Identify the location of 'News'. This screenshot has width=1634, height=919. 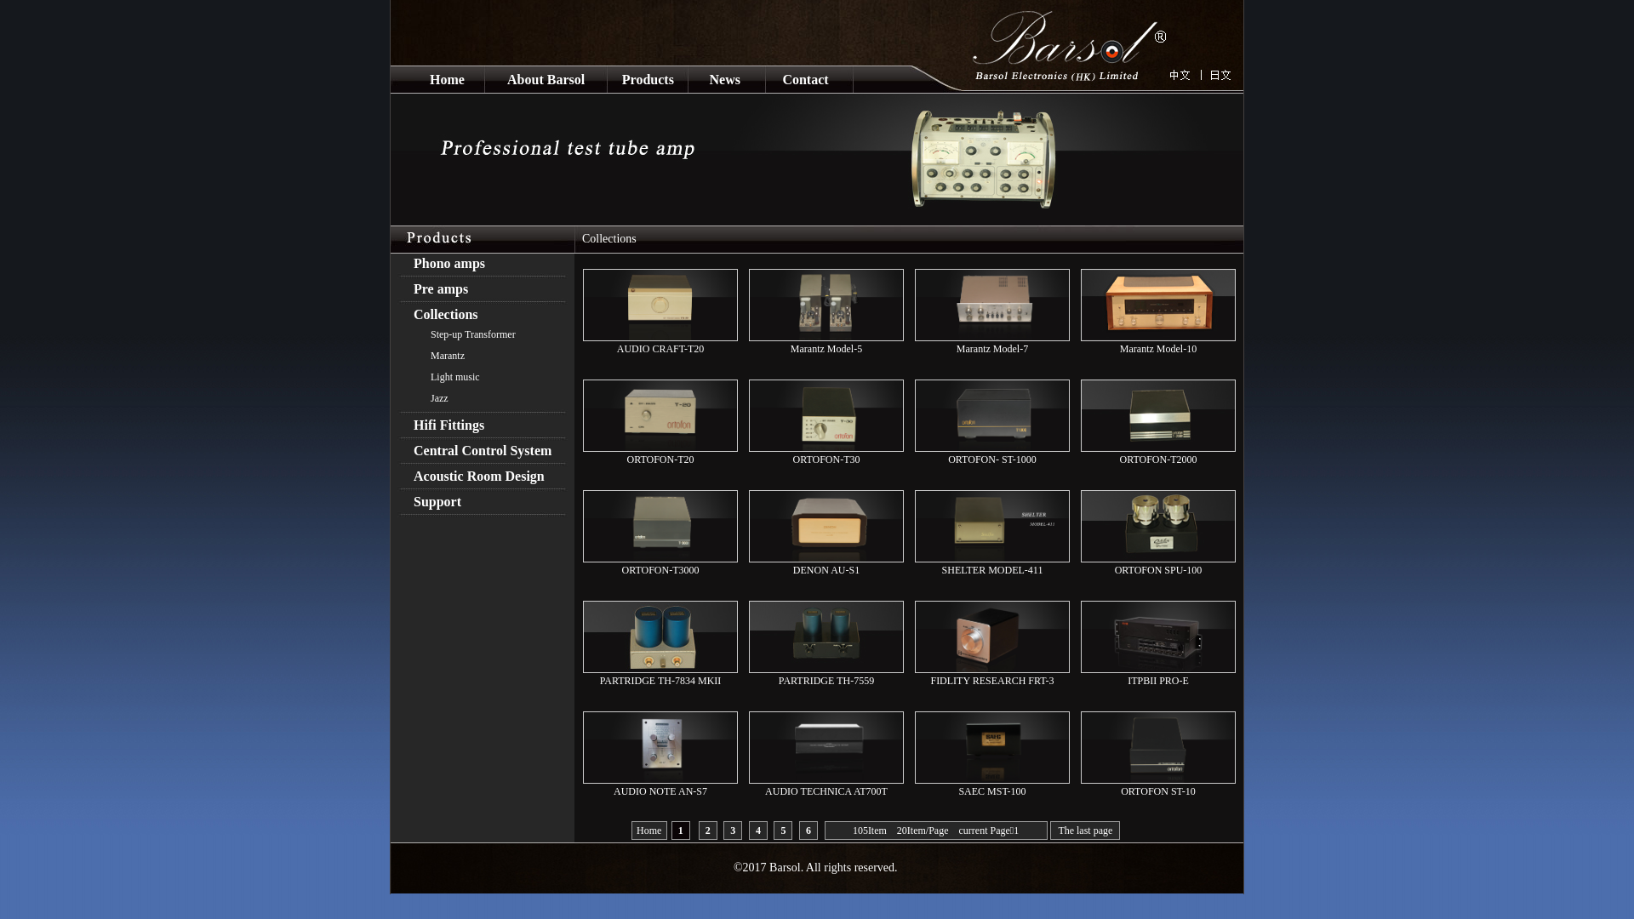
(693, 79).